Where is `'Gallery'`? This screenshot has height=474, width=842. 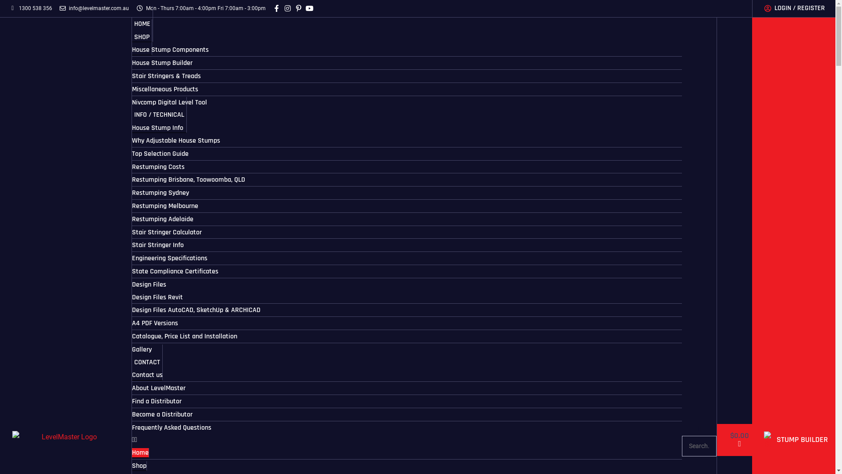
'Gallery' is located at coordinates (142, 349).